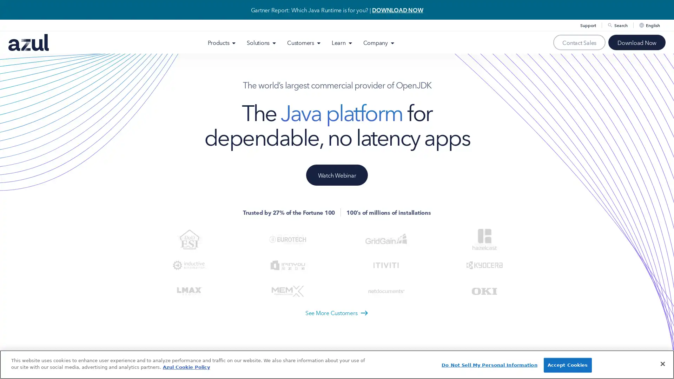 The width and height of the screenshot is (674, 379). Describe the element at coordinates (662, 363) in the screenshot. I see `Close` at that location.